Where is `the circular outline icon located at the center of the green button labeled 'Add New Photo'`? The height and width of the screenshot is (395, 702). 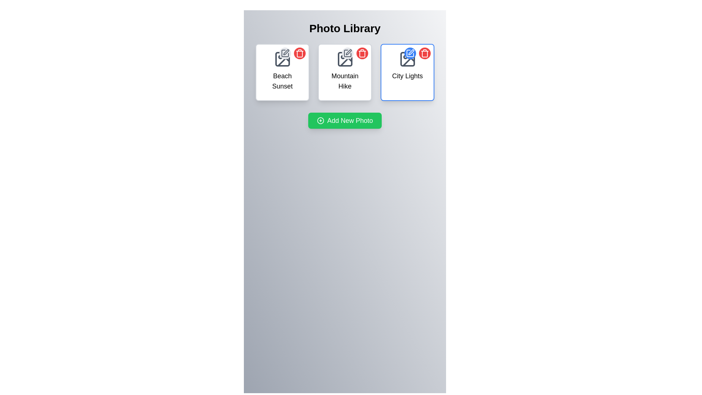 the circular outline icon located at the center of the green button labeled 'Add New Photo' is located at coordinates (320, 120).